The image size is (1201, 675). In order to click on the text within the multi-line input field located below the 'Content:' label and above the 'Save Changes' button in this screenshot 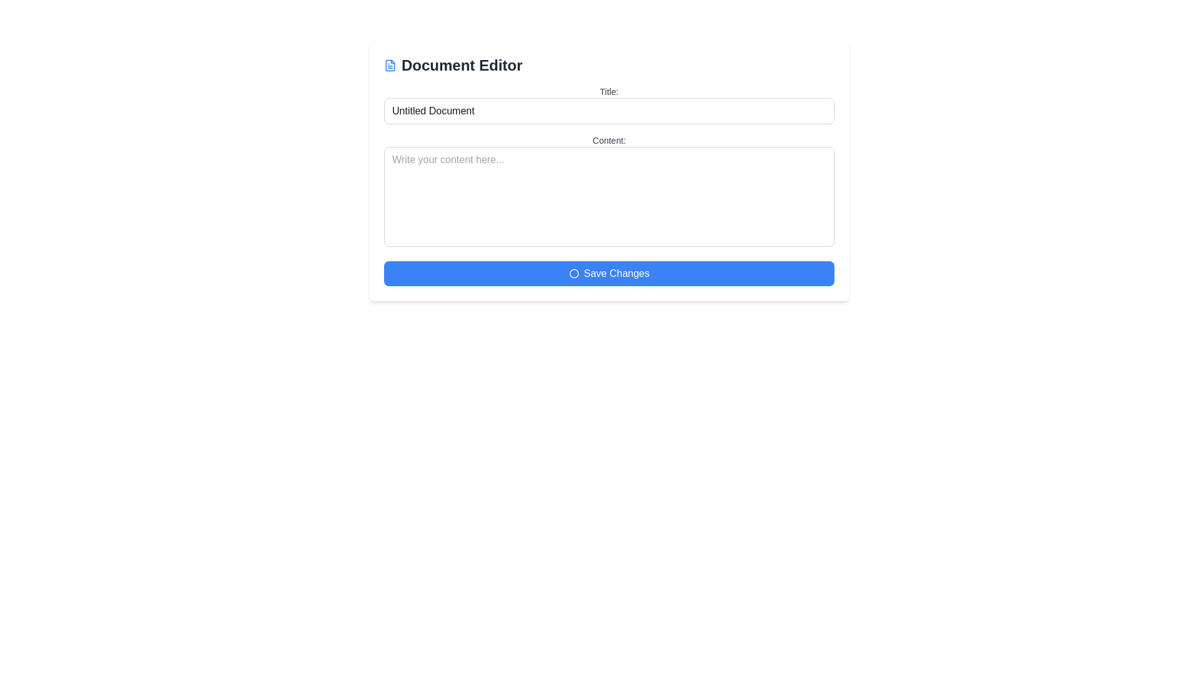, I will do `click(609, 197)`.